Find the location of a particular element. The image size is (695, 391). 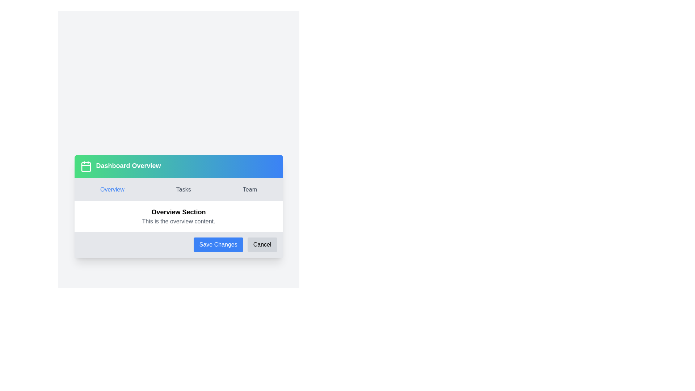

the 'Team' button in the horizontal menu bar to change its state from gray to blue is located at coordinates (250, 189).